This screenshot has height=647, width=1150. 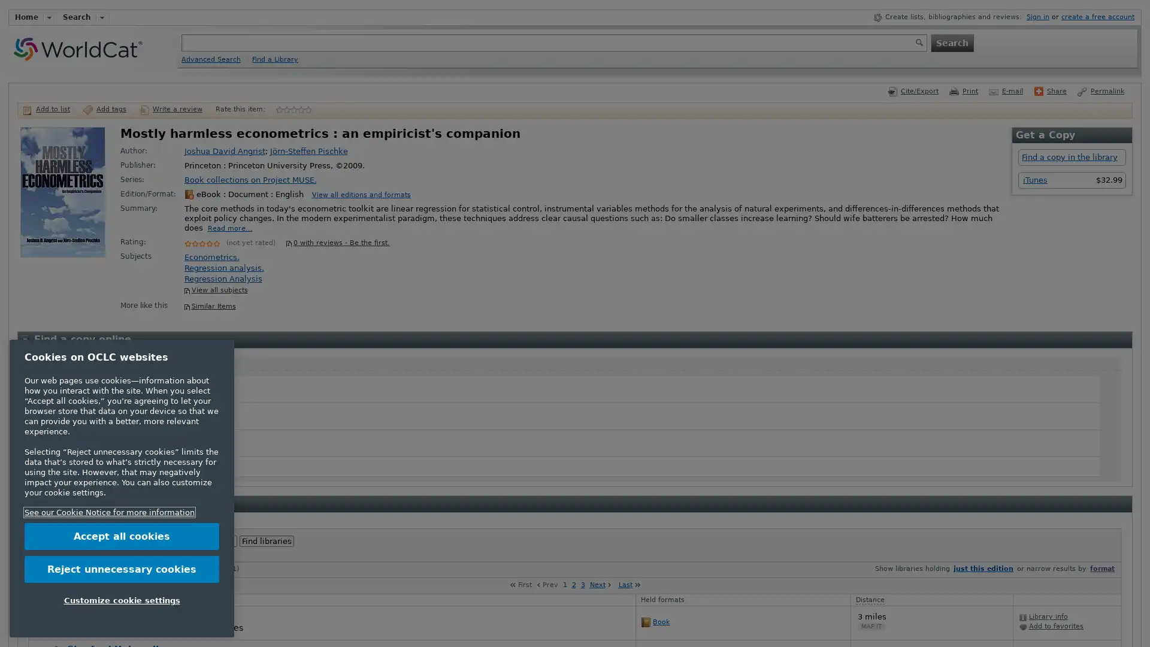 What do you see at coordinates (951, 41) in the screenshot?
I see `Search` at bounding box center [951, 41].